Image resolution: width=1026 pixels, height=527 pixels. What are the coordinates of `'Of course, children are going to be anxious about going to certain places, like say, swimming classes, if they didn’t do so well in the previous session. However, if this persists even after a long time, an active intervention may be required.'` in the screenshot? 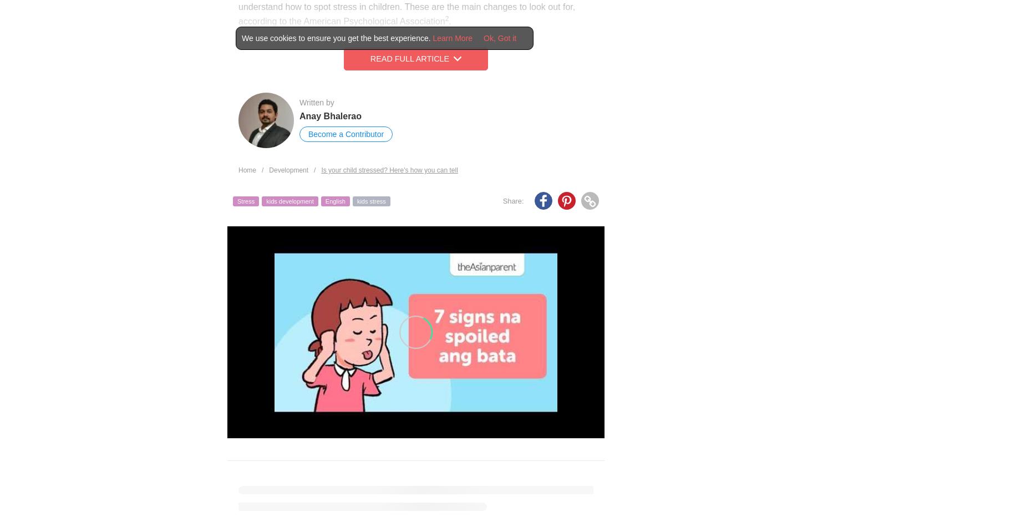 It's located at (237, 281).